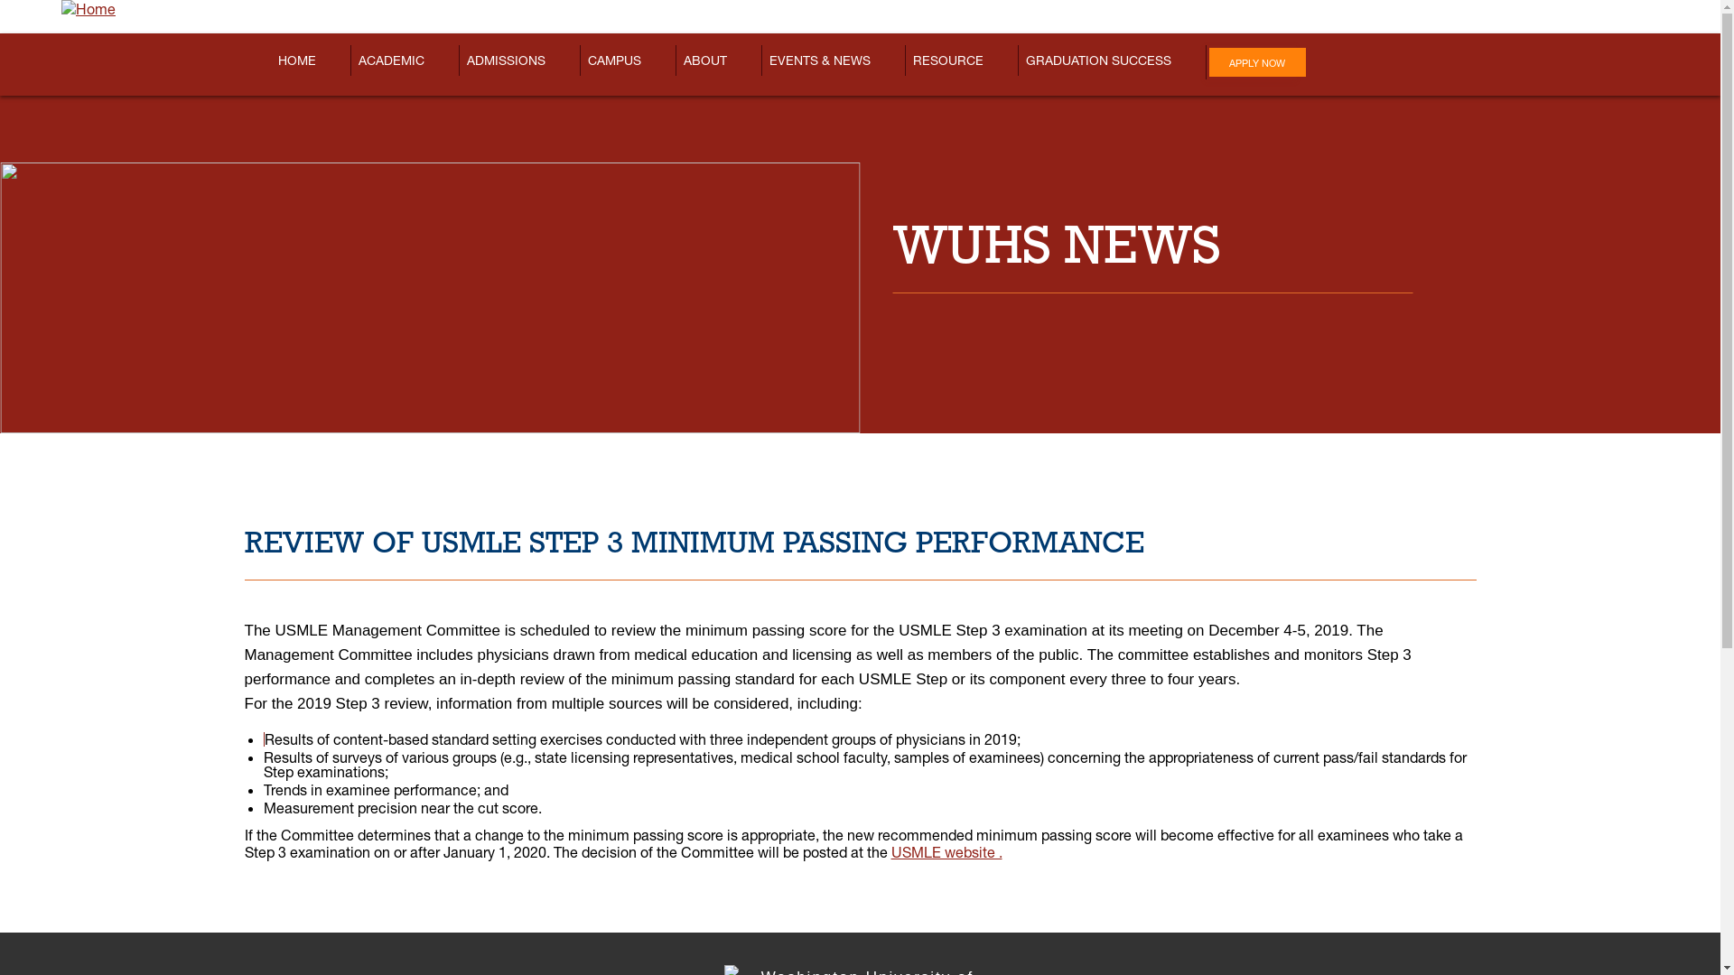 The height and width of the screenshot is (975, 1734). What do you see at coordinates (704, 59) in the screenshot?
I see `'ABOUT'` at bounding box center [704, 59].